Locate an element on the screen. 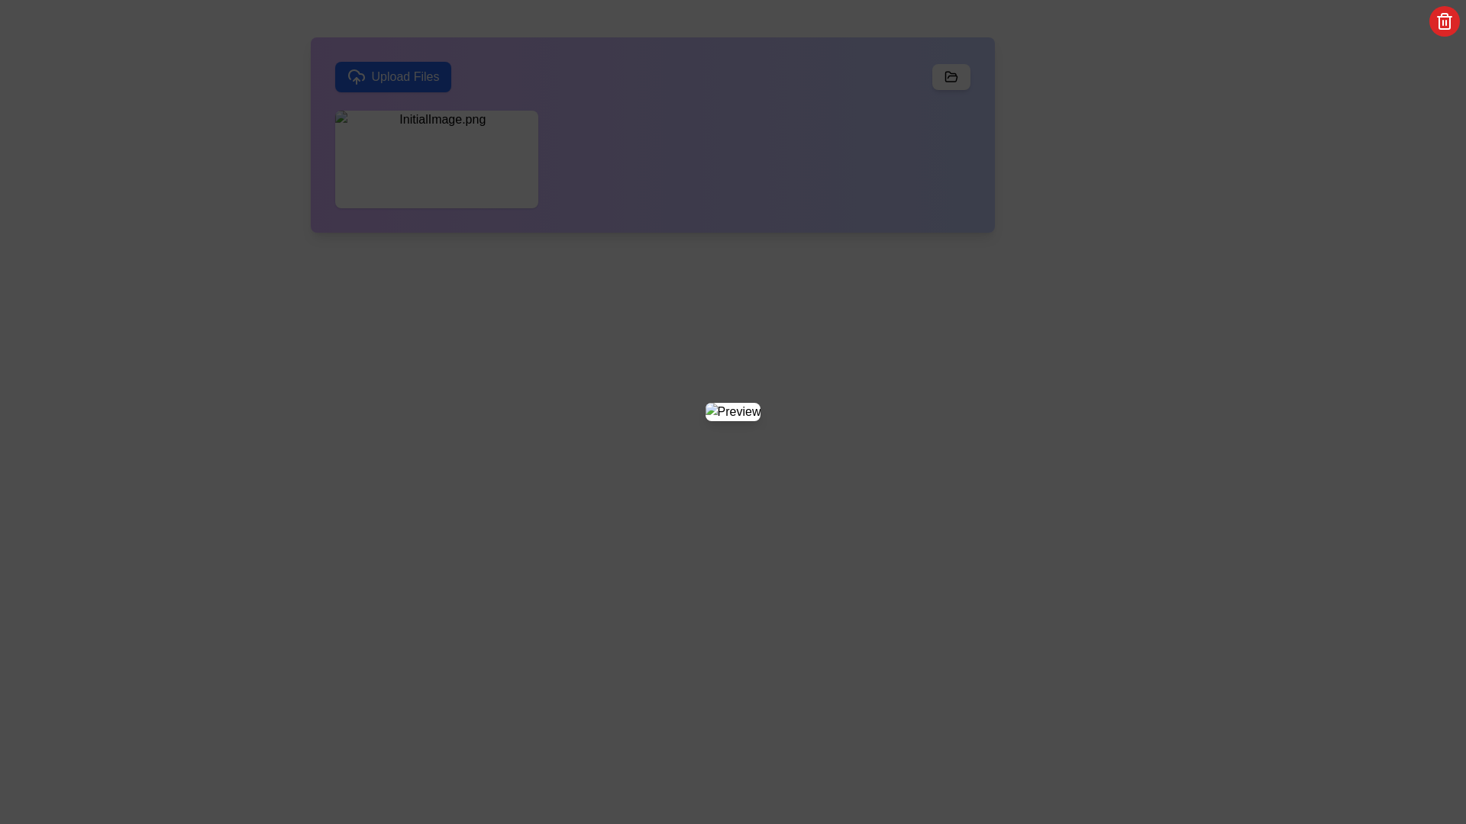 The image size is (1466, 824). the red circular delete button with a white trash can icon is located at coordinates (454, 159).